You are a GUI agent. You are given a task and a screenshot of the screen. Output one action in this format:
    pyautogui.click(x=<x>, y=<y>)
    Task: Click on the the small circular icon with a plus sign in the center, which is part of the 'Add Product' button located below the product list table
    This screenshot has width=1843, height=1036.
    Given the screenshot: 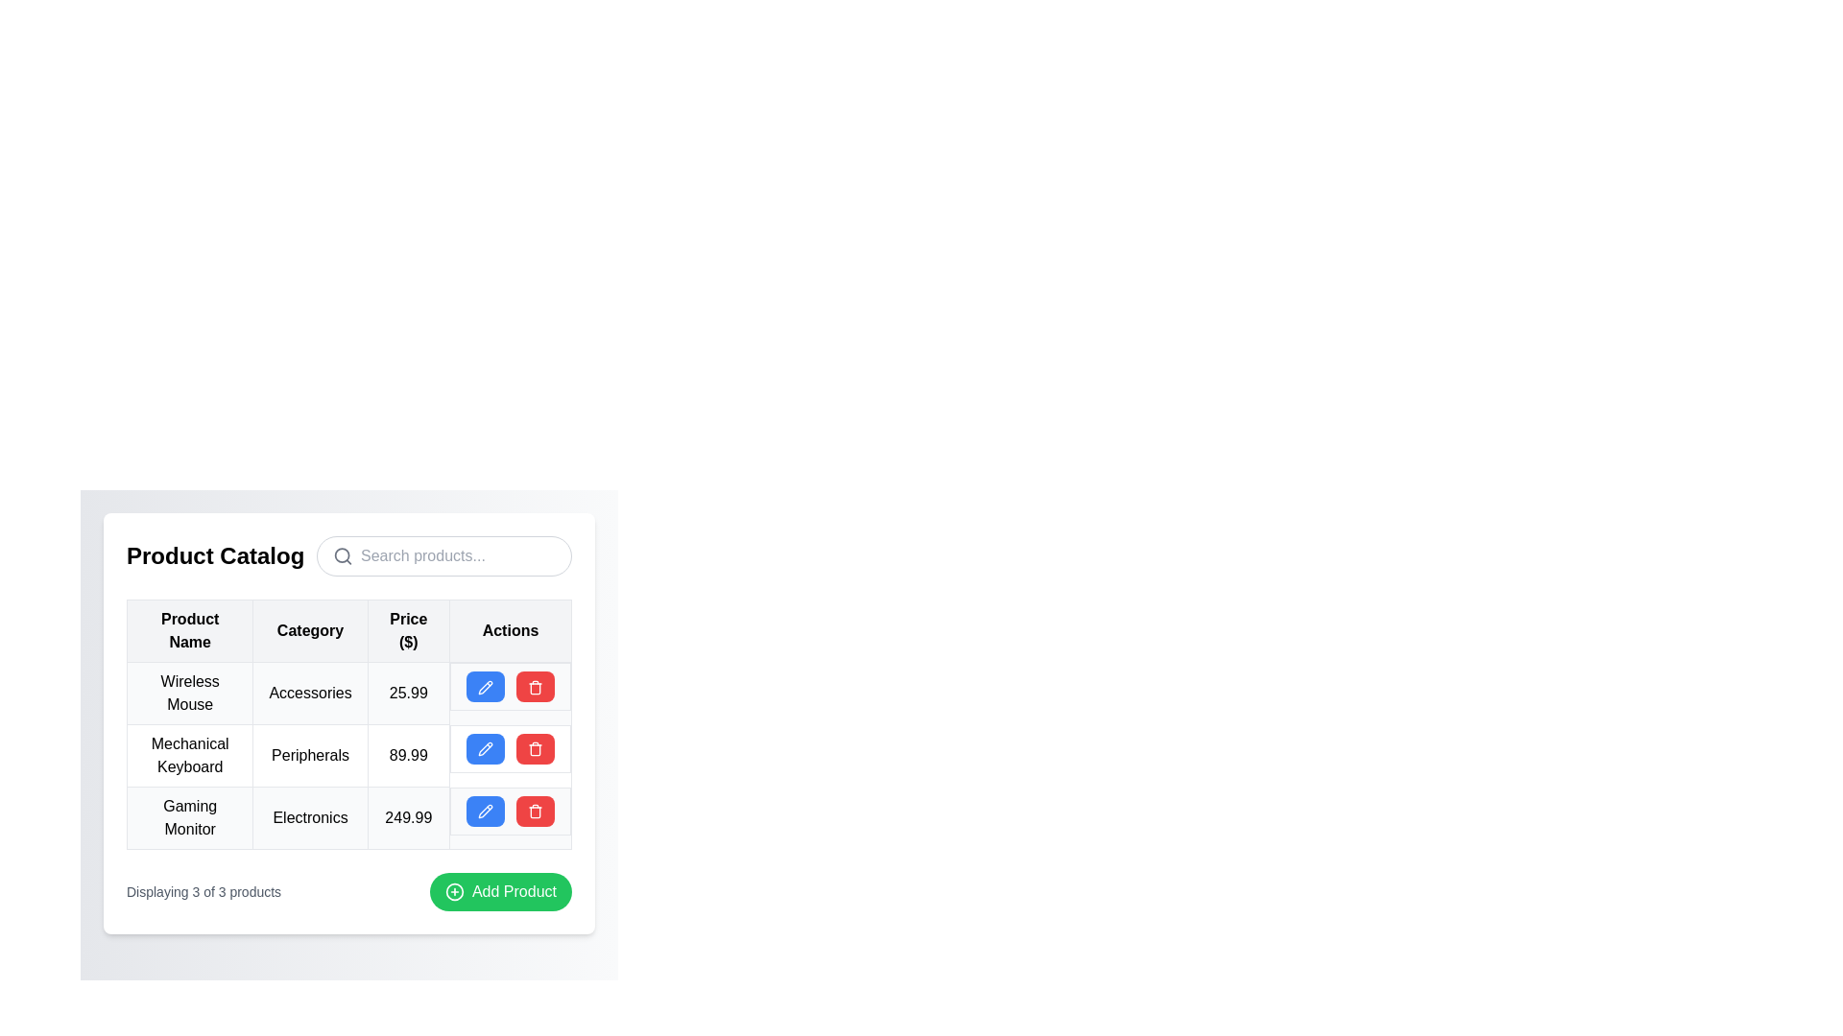 What is the action you would take?
    pyautogui.click(x=453, y=891)
    